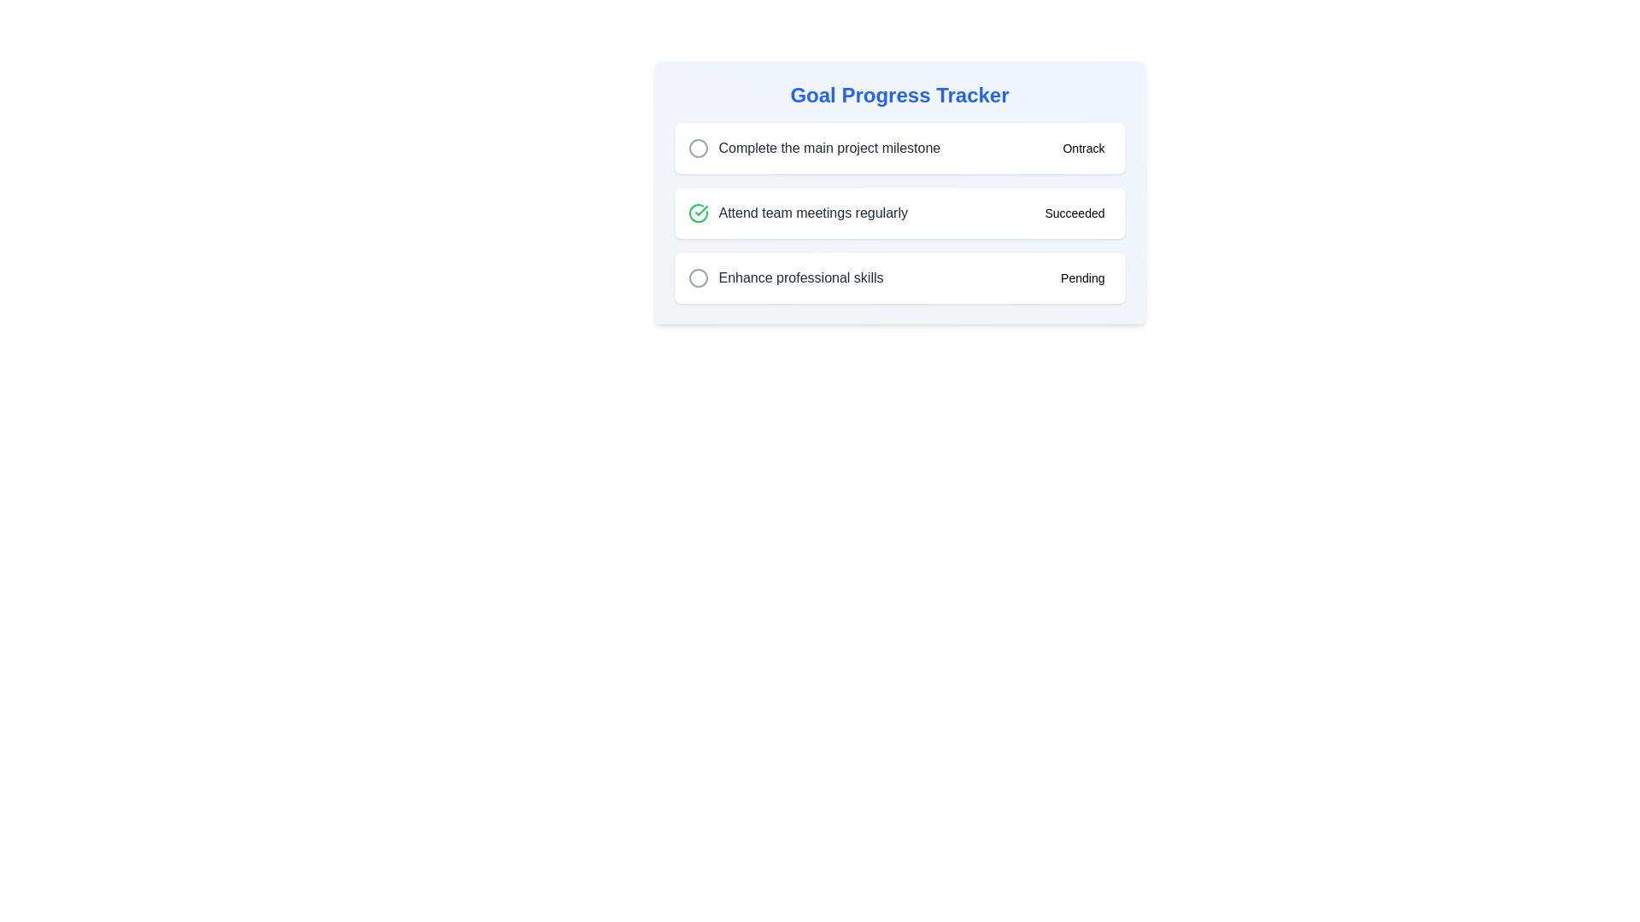 The image size is (1640, 922). Describe the element at coordinates (1074, 213) in the screenshot. I see `the status badge labeled 'Succeeded', which is a rectangular label with a green background, located in the second row of a vertical list, to the right of the task description 'Attend team meetings regularly'` at that location.